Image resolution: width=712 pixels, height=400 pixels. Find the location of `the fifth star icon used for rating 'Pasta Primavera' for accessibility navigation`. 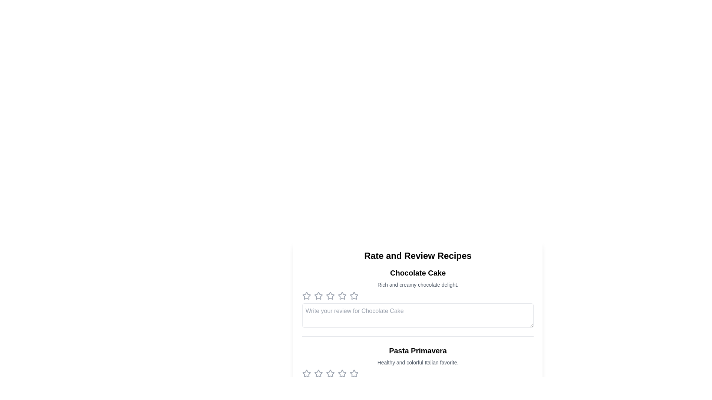

the fifth star icon used for rating 'Pasta Primavera' for accessibility navigation is located at coordinates (354, 374).